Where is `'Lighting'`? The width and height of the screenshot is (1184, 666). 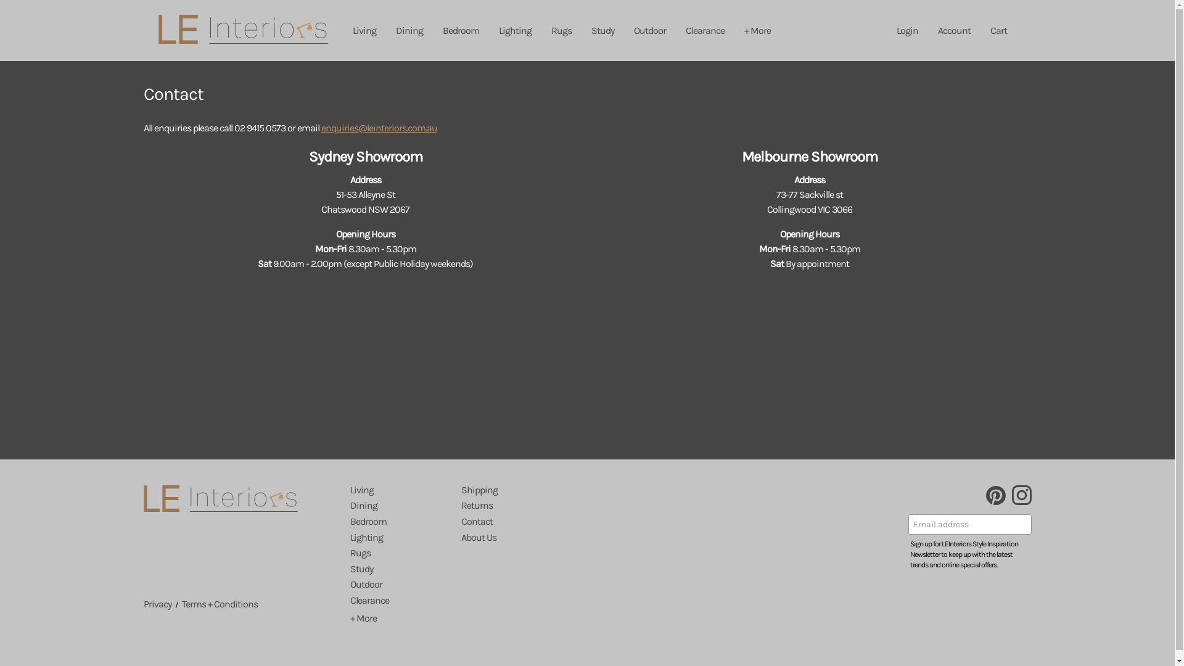
'Lighting' is located at coordinates (514, 30).